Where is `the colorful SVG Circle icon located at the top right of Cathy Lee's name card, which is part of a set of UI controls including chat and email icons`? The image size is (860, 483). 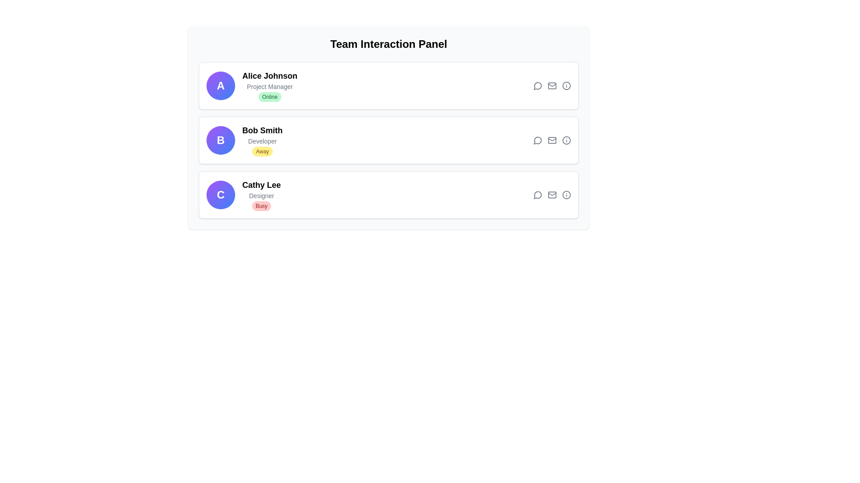
the colorful SVG Circle icon located at the top right of Cathy Lee's name card, which is part of a set of UI controls including chat and email icons is located at coordinates (566, 194).